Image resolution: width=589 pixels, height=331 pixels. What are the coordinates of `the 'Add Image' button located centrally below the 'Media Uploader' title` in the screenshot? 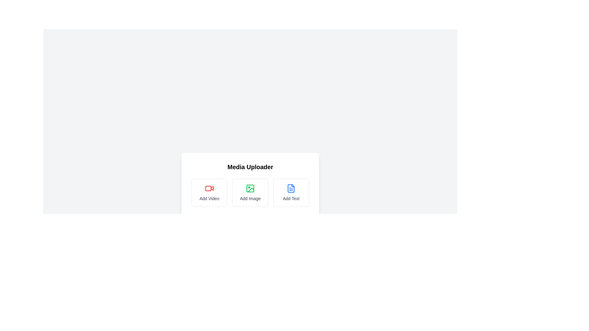 It's located at (250, 195).